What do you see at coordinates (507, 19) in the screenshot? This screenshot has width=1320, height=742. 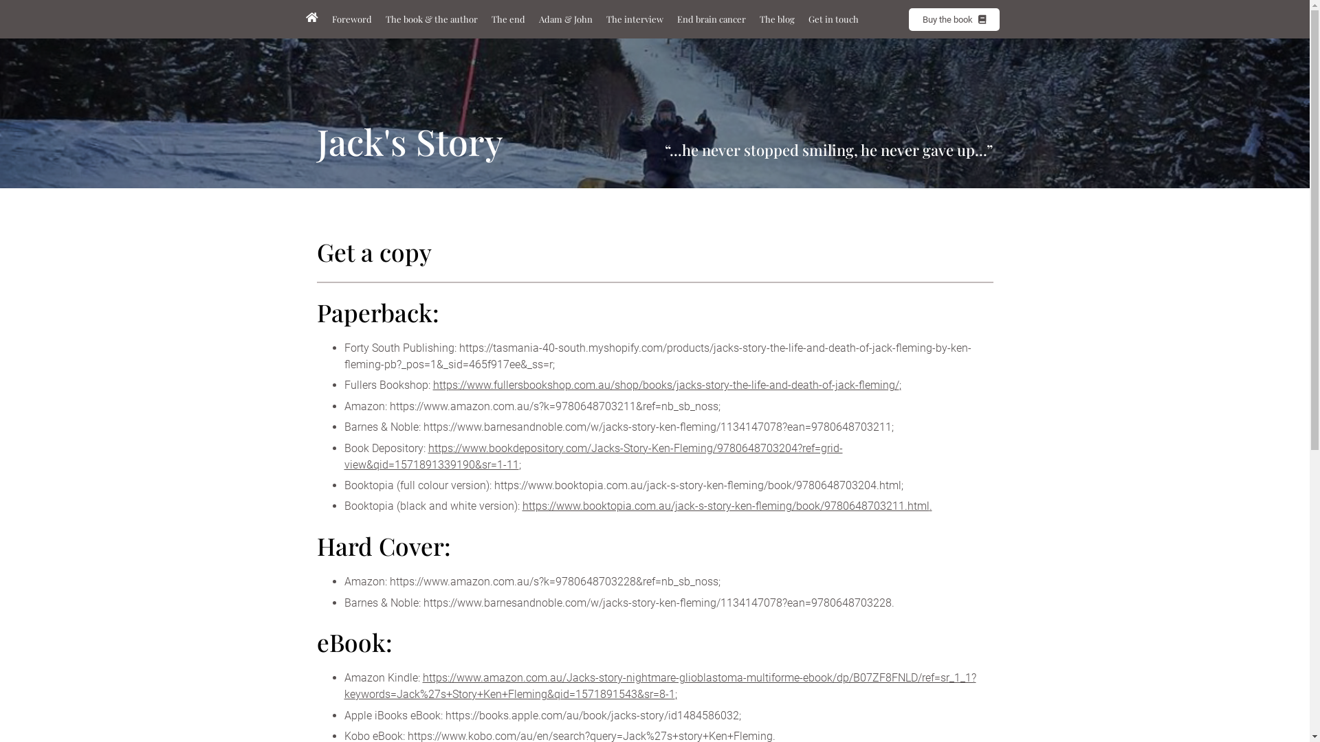 I see `'The end'` at bounding box center [507, 19].